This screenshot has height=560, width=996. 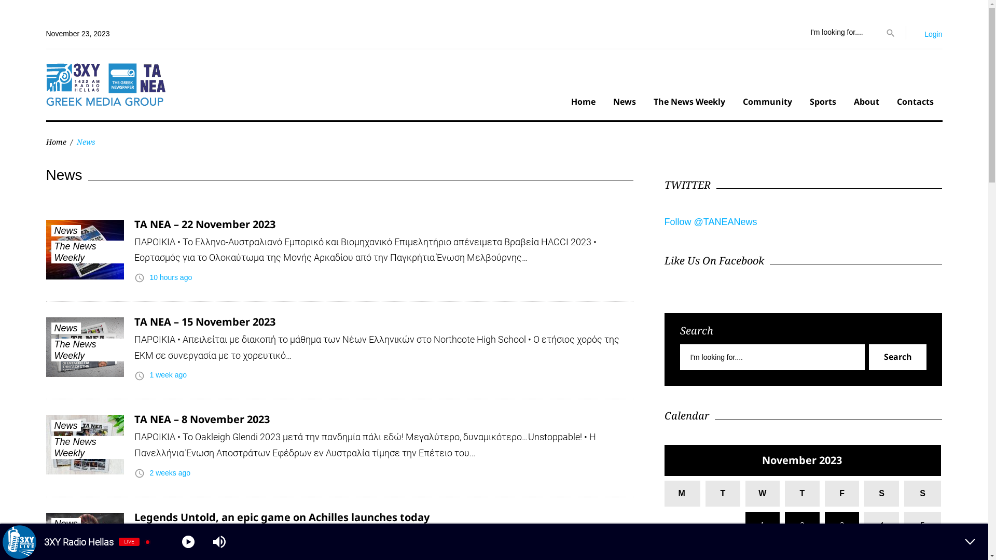 What do you see at coordinates (970, 541) in the screenshot?
I see `'Minimize Player'` at bounding box center [970, 541].